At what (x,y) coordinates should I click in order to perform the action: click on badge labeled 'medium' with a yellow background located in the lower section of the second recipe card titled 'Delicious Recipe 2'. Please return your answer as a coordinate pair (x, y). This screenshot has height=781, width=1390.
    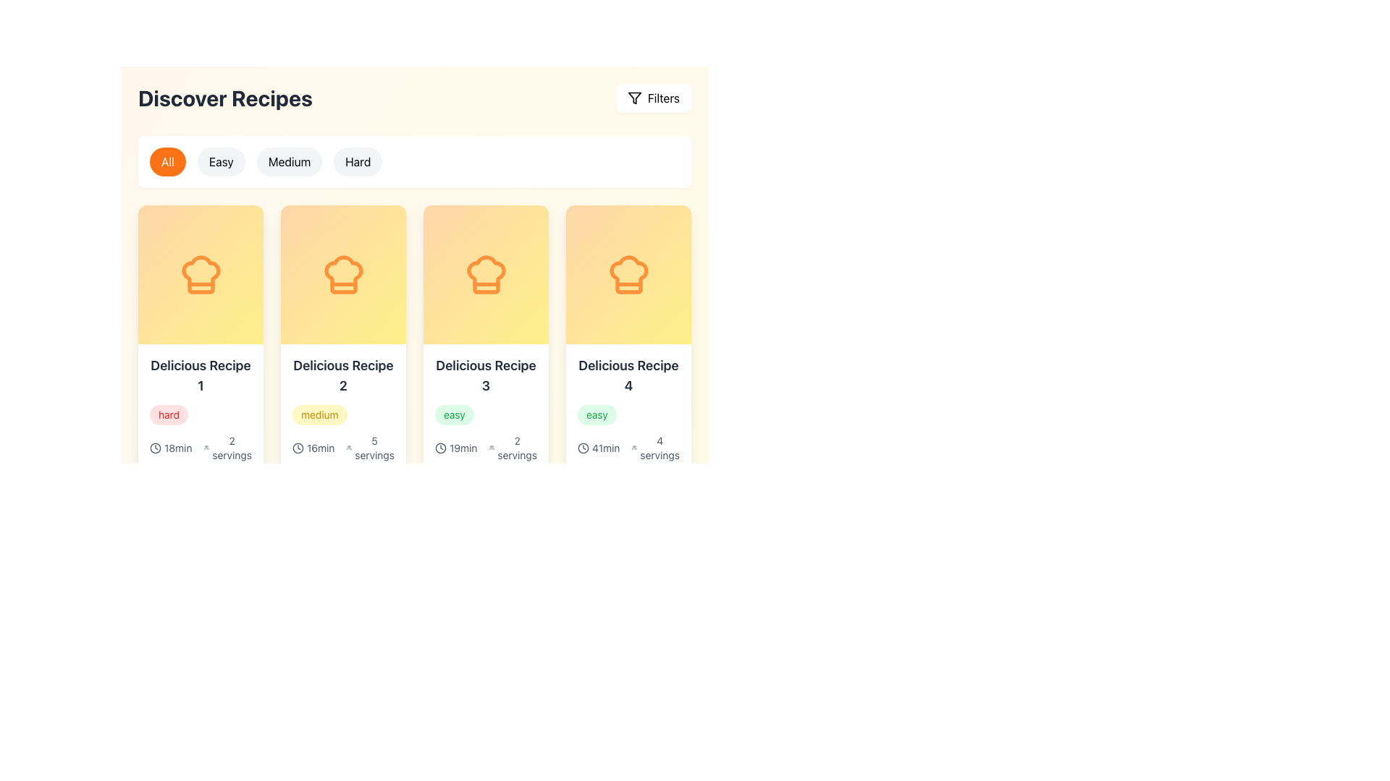
    Looking at the image, I should click on (461, 736).